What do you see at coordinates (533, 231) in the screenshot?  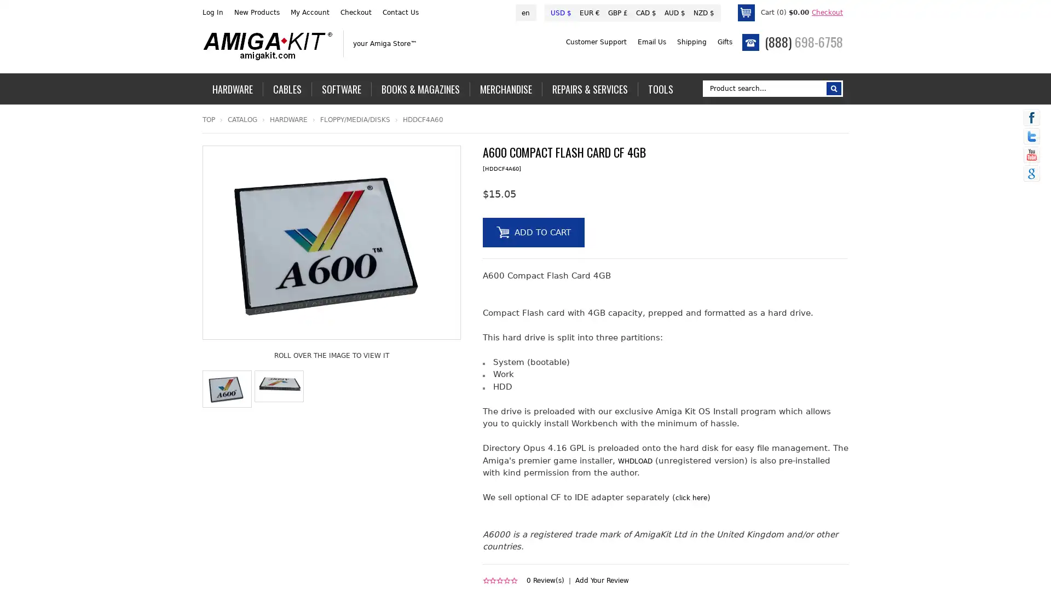 I see `ADD TO CART` at bounding box center [533, 231].